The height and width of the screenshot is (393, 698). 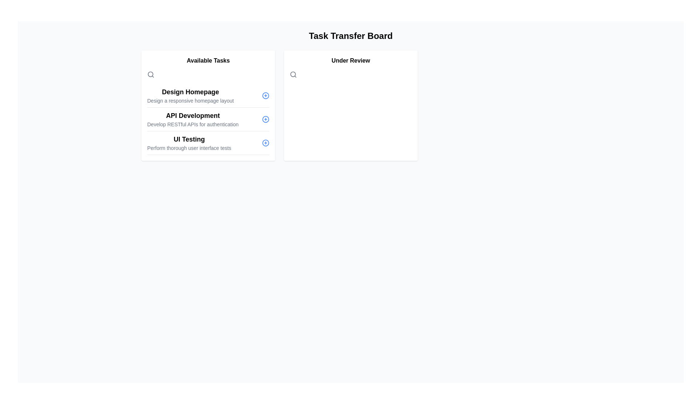 What do you see at coordinates (265, 95) in the screenshot?
I see `the circular '+' icon button located in the 'Available Tasks' column next` at bounding box center [265, 95].